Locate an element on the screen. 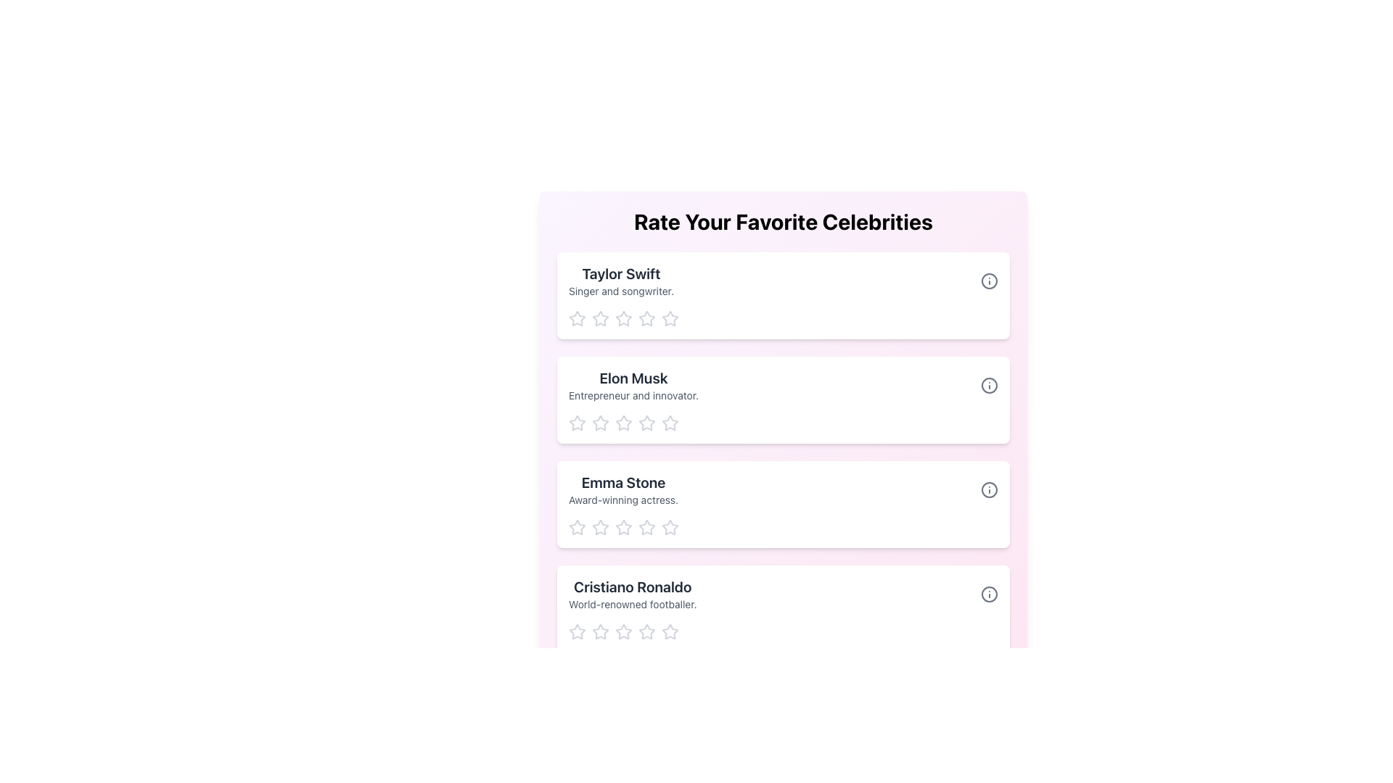 The height and width of the screenshot is (783, 1393). the first Rating Star Icon in the rating system for 'Taylor Swift' is located at coordinates (623, 318).